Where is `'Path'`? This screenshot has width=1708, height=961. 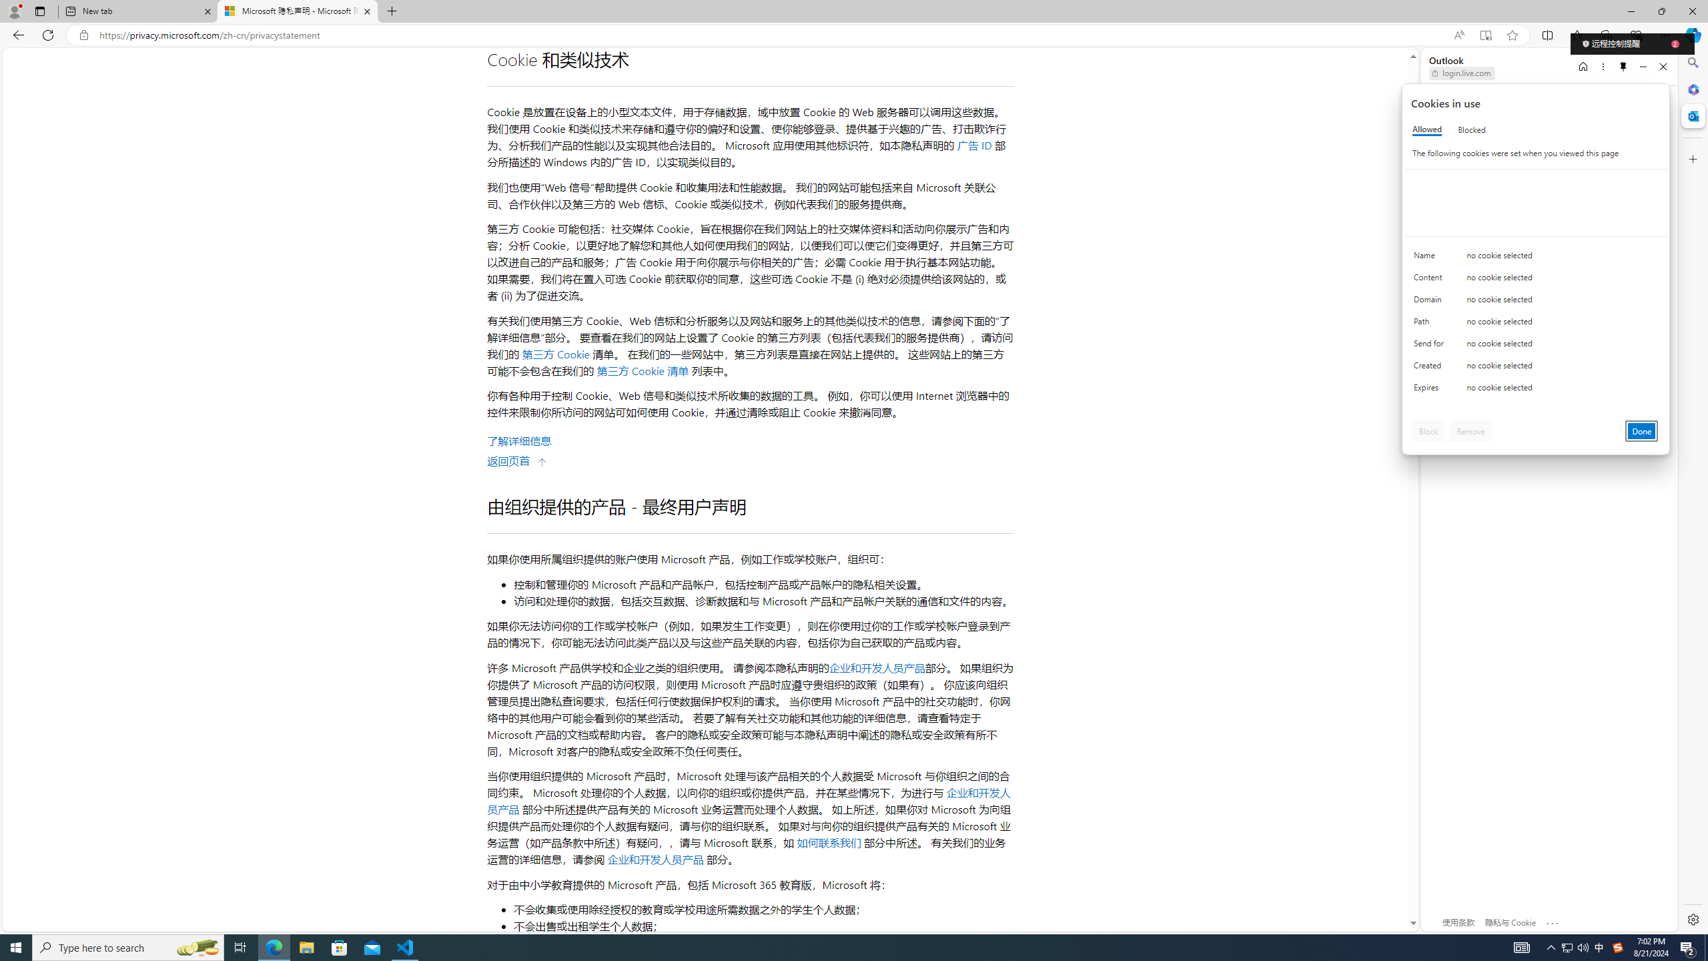 'Path' is located at coordinates (1430, 324).